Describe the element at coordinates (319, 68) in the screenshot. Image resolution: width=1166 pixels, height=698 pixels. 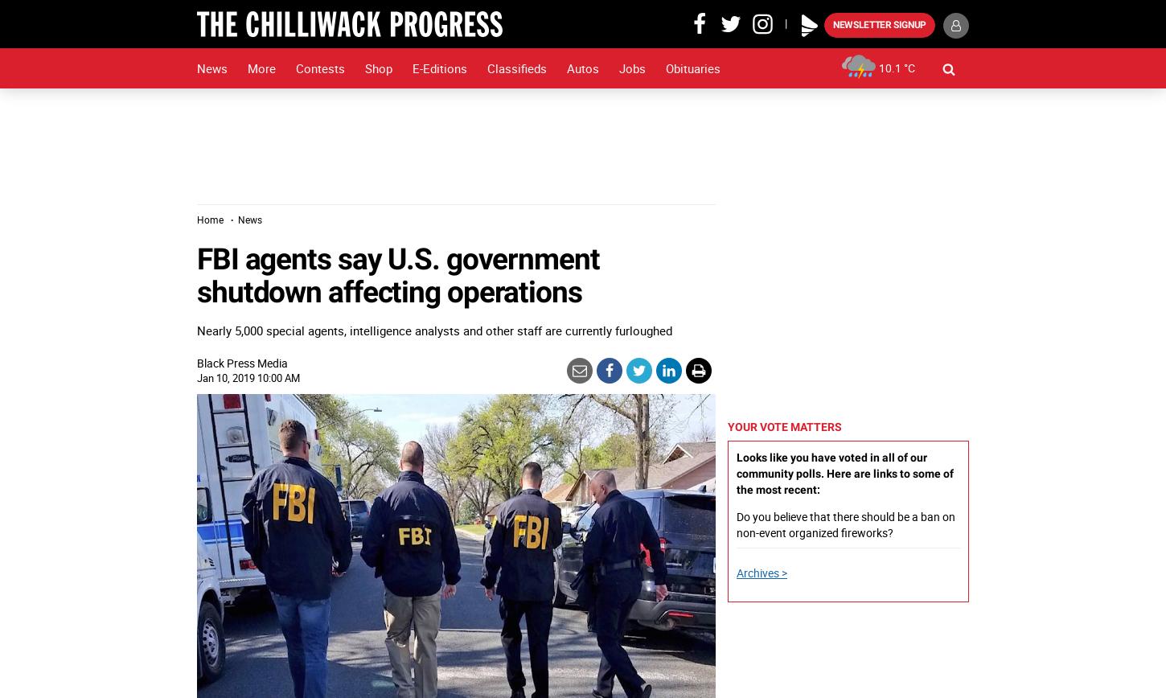
I see `'Contests'` at that location.